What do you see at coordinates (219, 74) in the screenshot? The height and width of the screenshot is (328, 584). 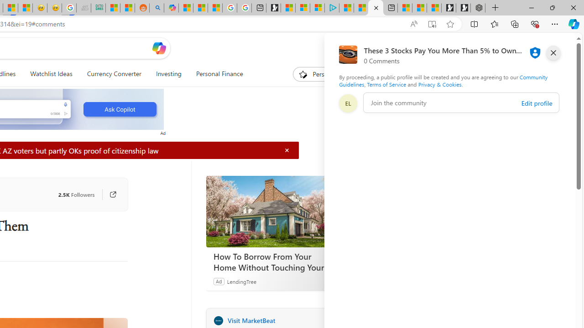 I see `'Personal Finance'` at bounding box center [219, 74].